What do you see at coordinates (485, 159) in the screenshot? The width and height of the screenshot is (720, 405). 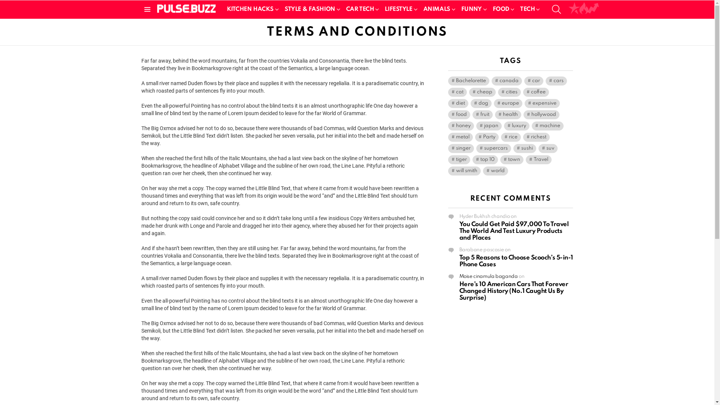 I see `'top 10'` at bounding box center [485, 159].